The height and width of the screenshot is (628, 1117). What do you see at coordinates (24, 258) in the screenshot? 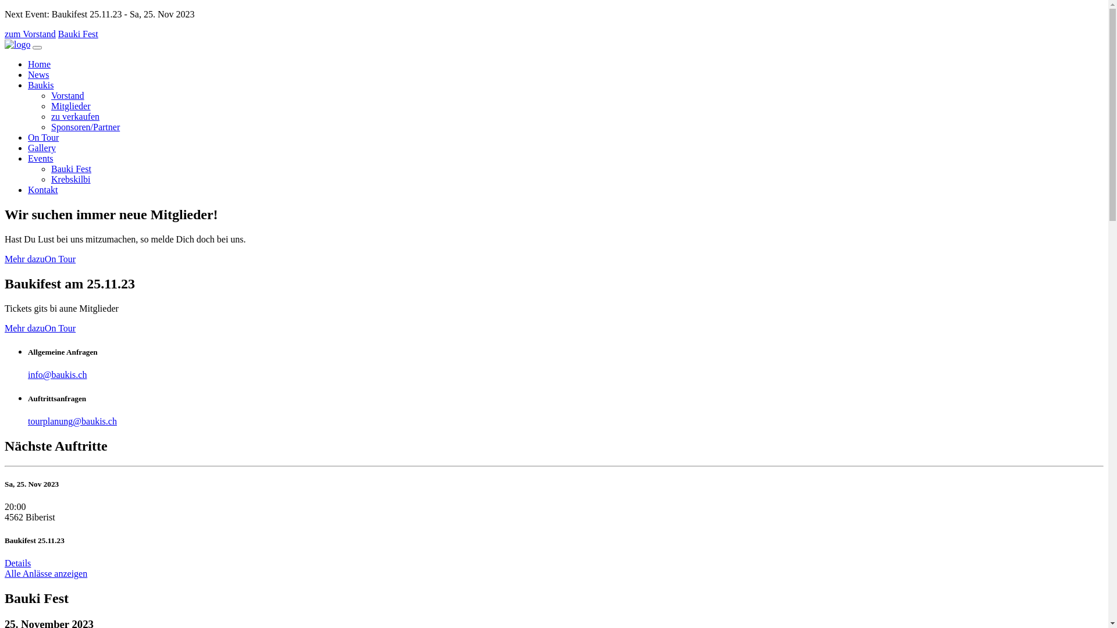
I see `'Mehr dazu'` at bounding box center [24, 258].